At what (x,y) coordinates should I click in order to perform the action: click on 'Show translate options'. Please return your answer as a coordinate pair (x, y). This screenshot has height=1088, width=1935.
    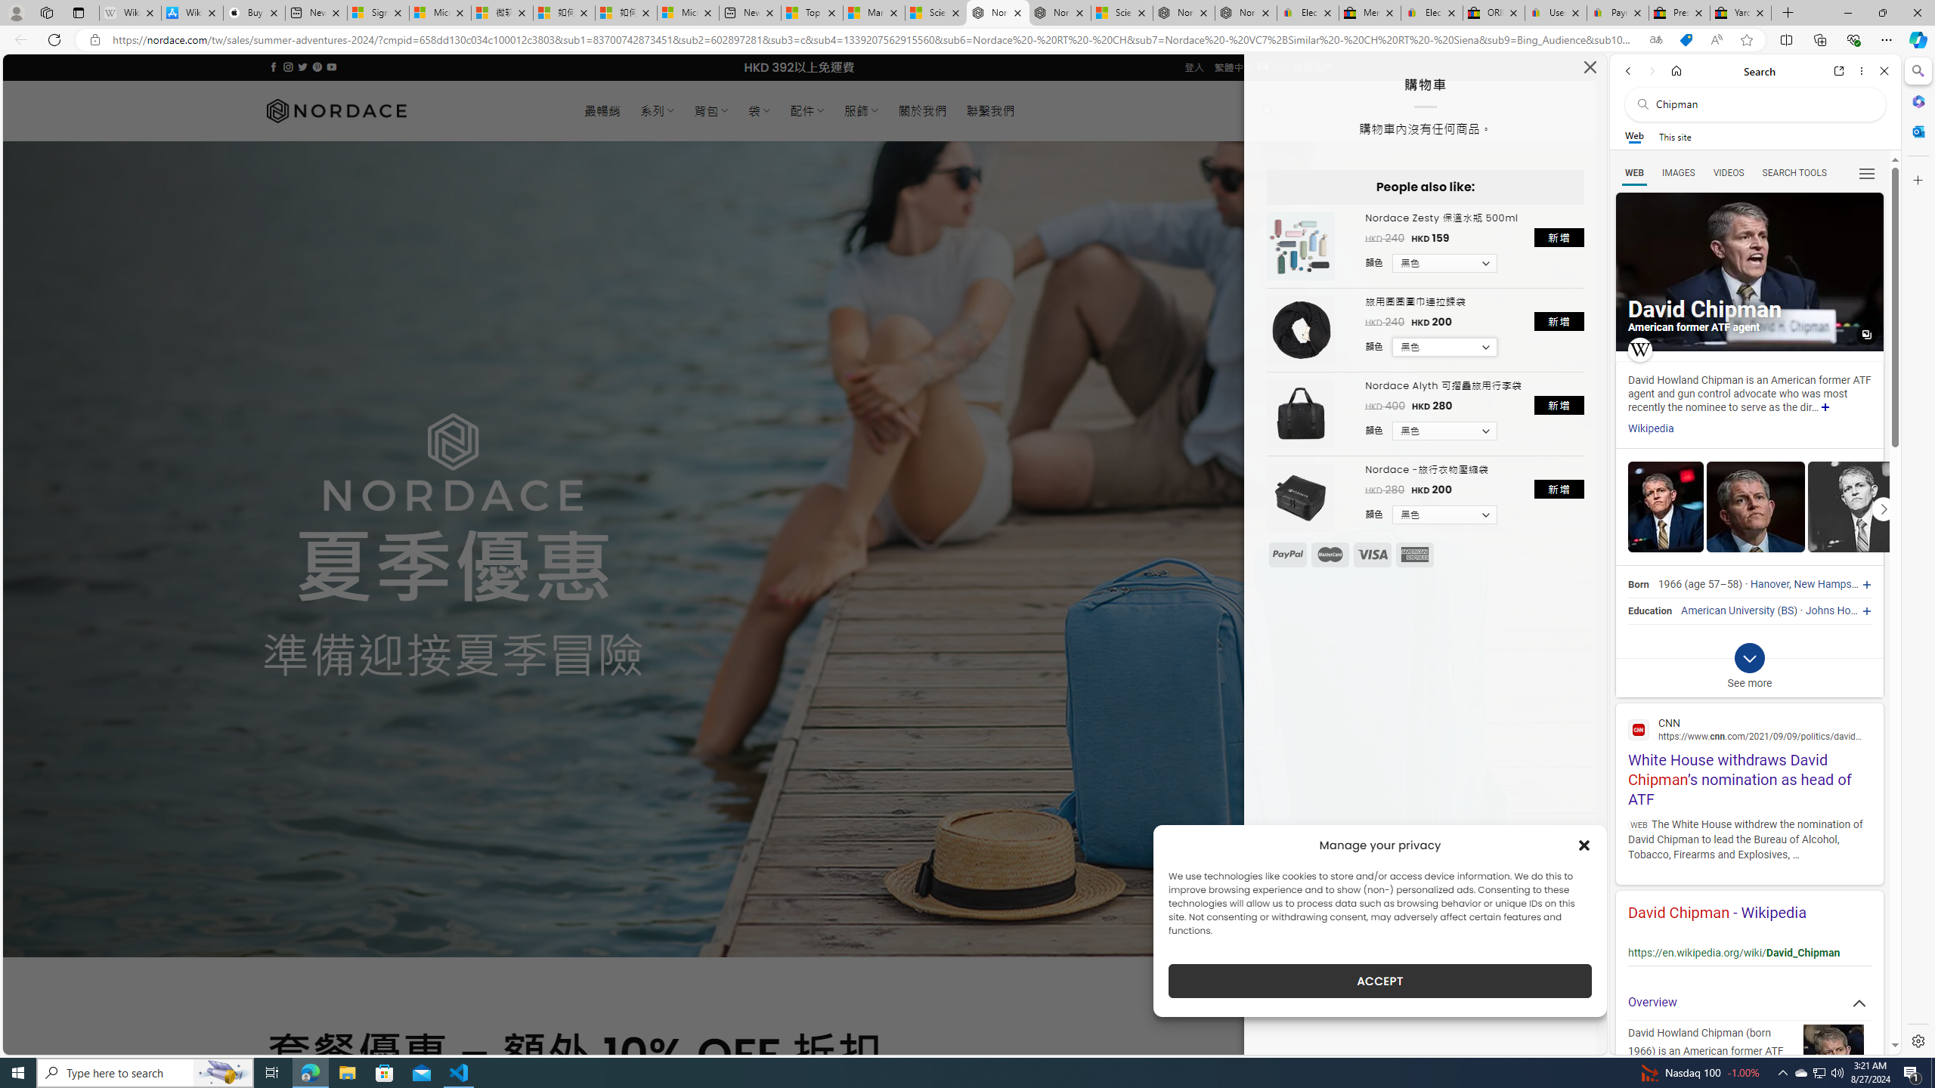
    Looking at the image, I should click on (1655, 40).